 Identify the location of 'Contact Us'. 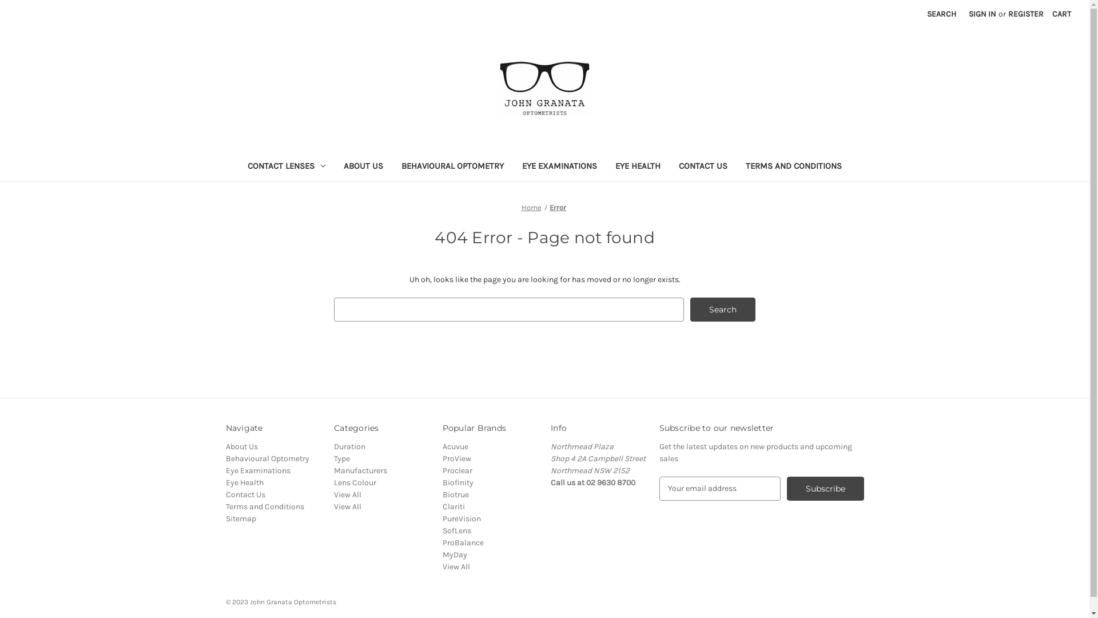
(225, 494).